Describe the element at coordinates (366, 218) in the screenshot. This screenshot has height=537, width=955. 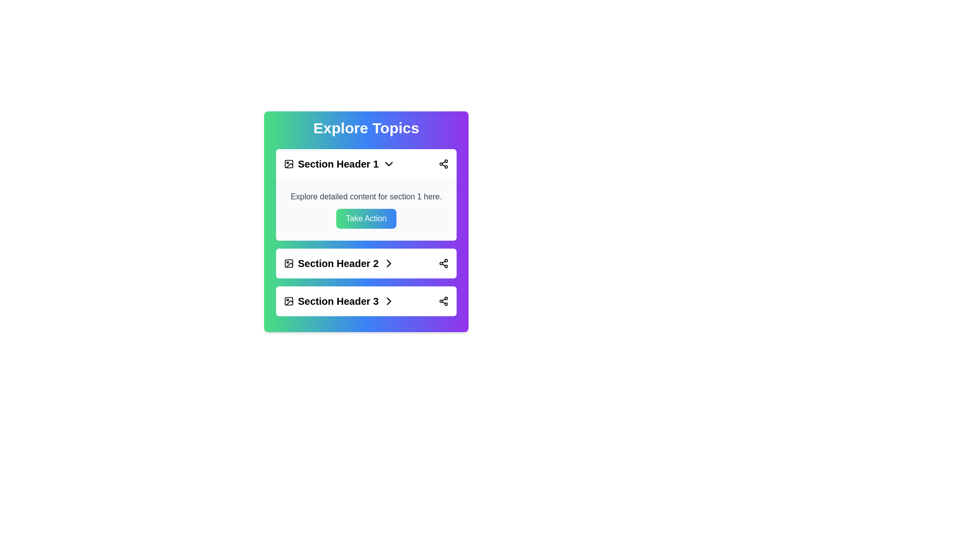
I see `the button labeled 'Take Action', which has a gradient background from green to blue and is located below the text 'Explore detailed content for section 1 here.'` at that location.